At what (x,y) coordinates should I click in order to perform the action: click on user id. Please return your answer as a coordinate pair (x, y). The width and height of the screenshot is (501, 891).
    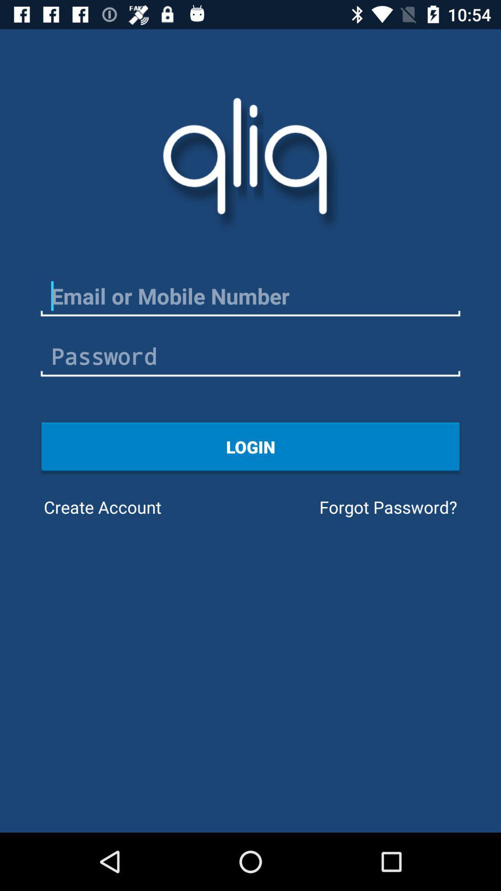
    Looking at the image, I should click on (250, 296).